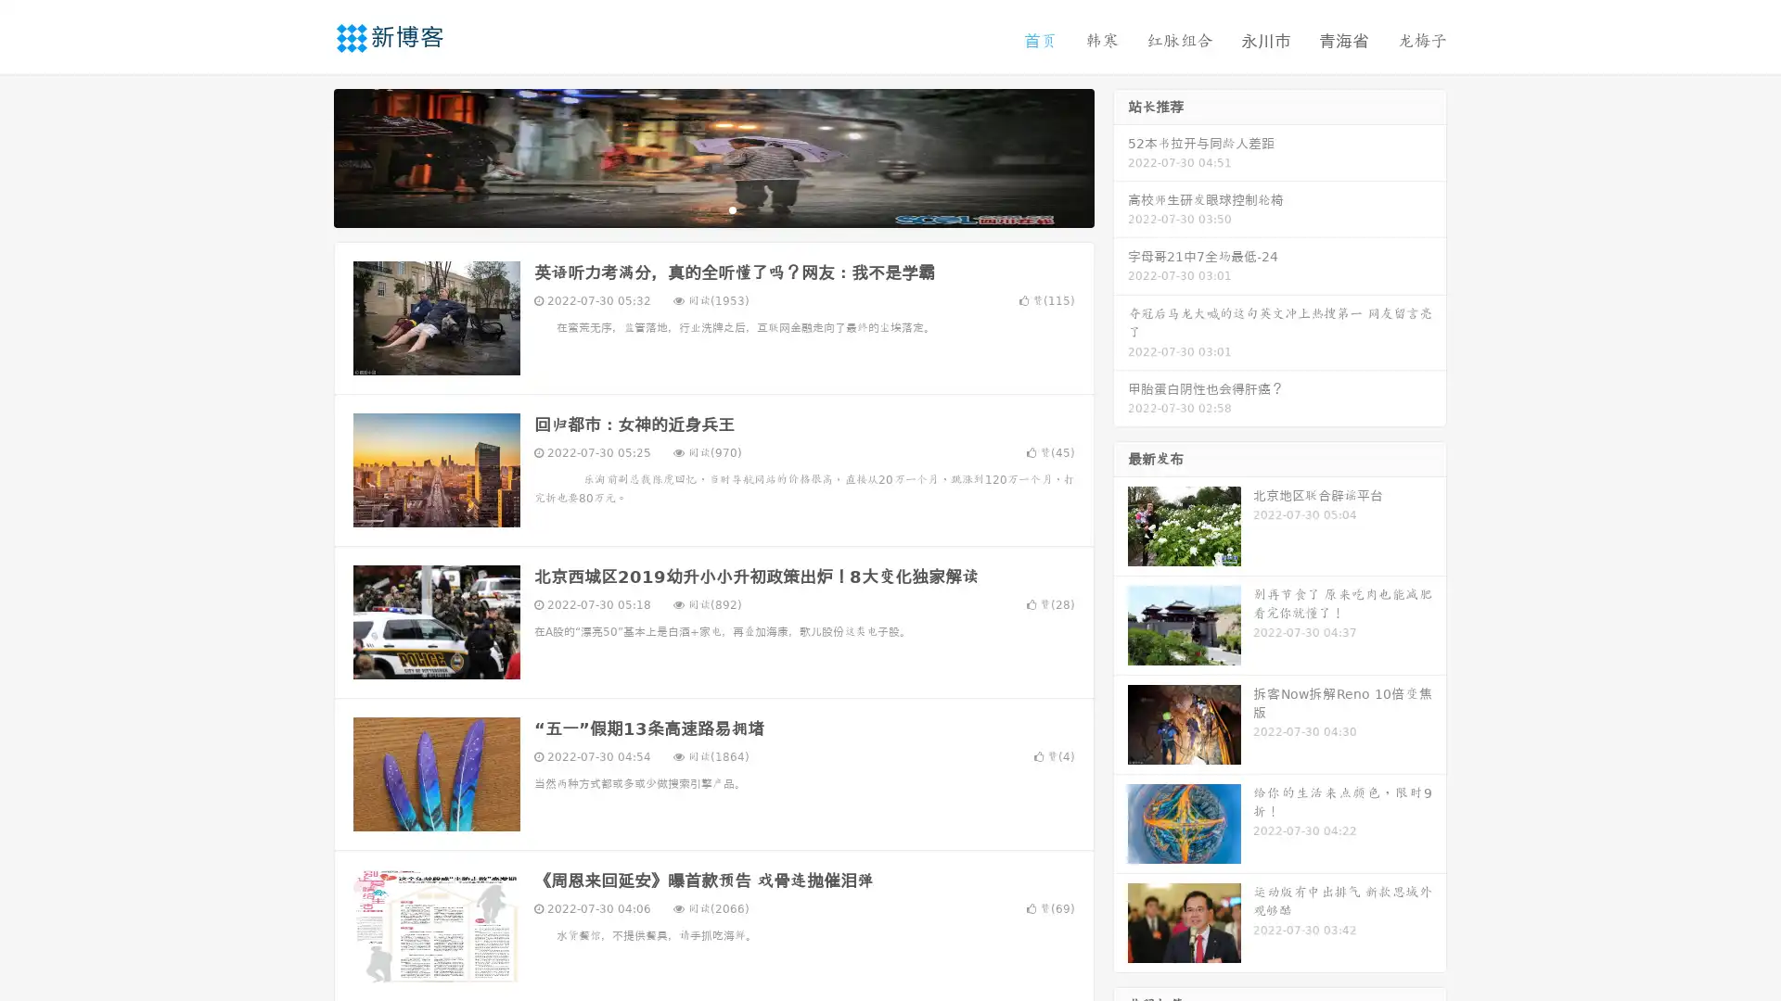 The width and height of the screenshot is (1781, 1001). I want to click on Go to slide 1, so click(694, 209).